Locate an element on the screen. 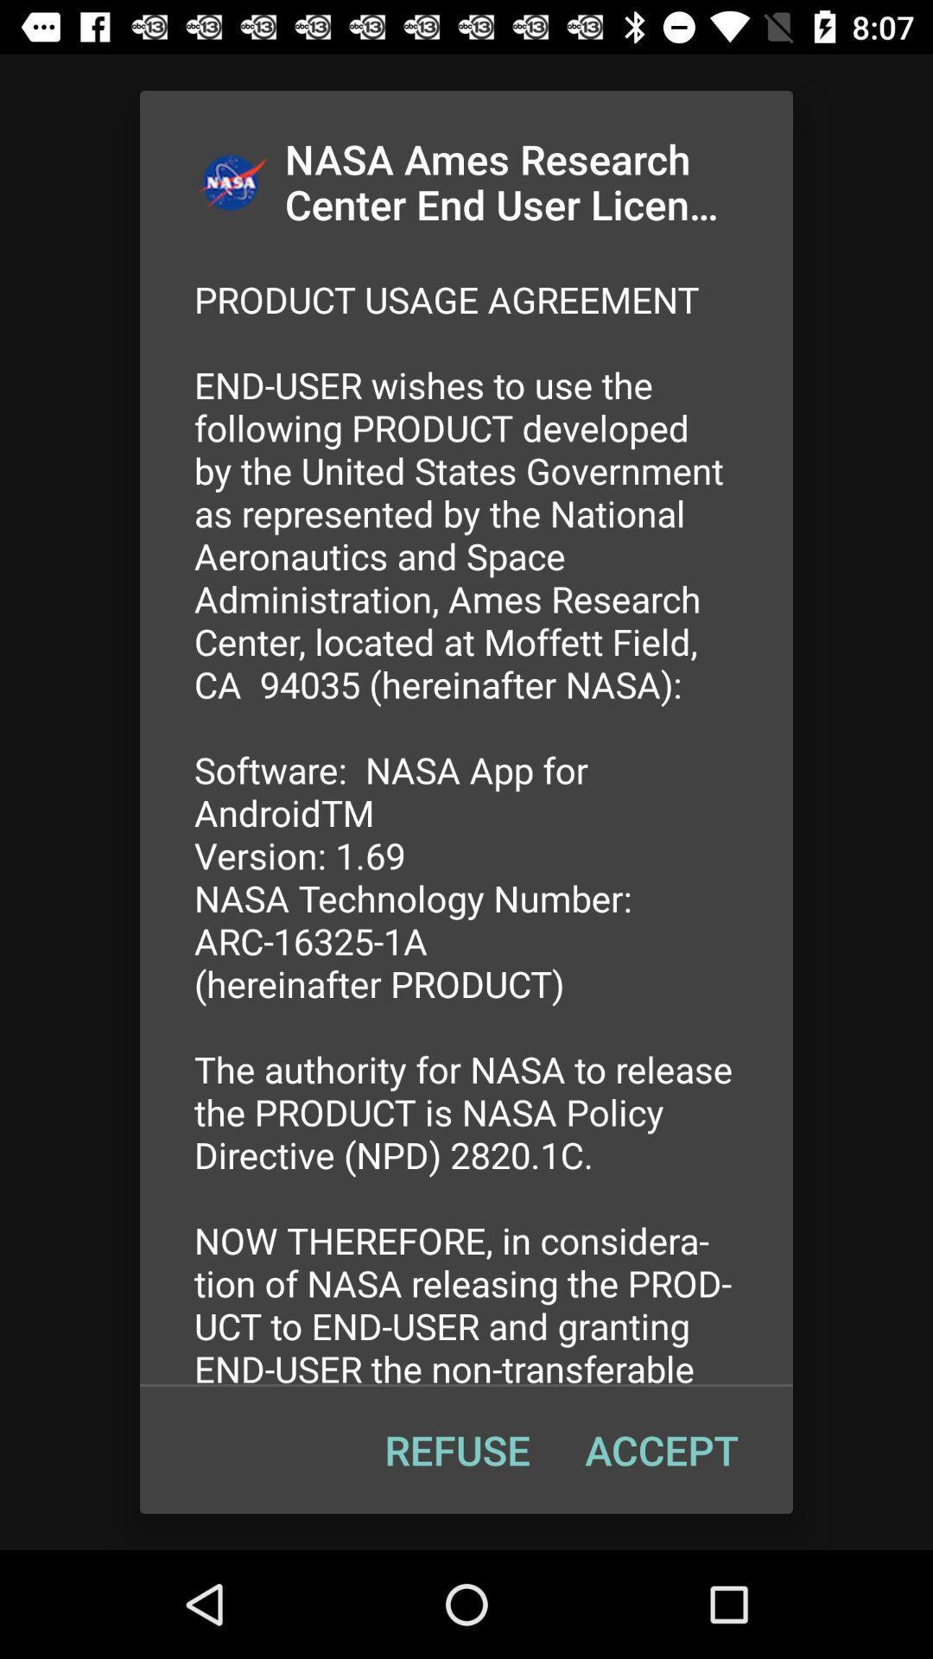  the item to the left of accept icon is located at coordinates (456, 1450).